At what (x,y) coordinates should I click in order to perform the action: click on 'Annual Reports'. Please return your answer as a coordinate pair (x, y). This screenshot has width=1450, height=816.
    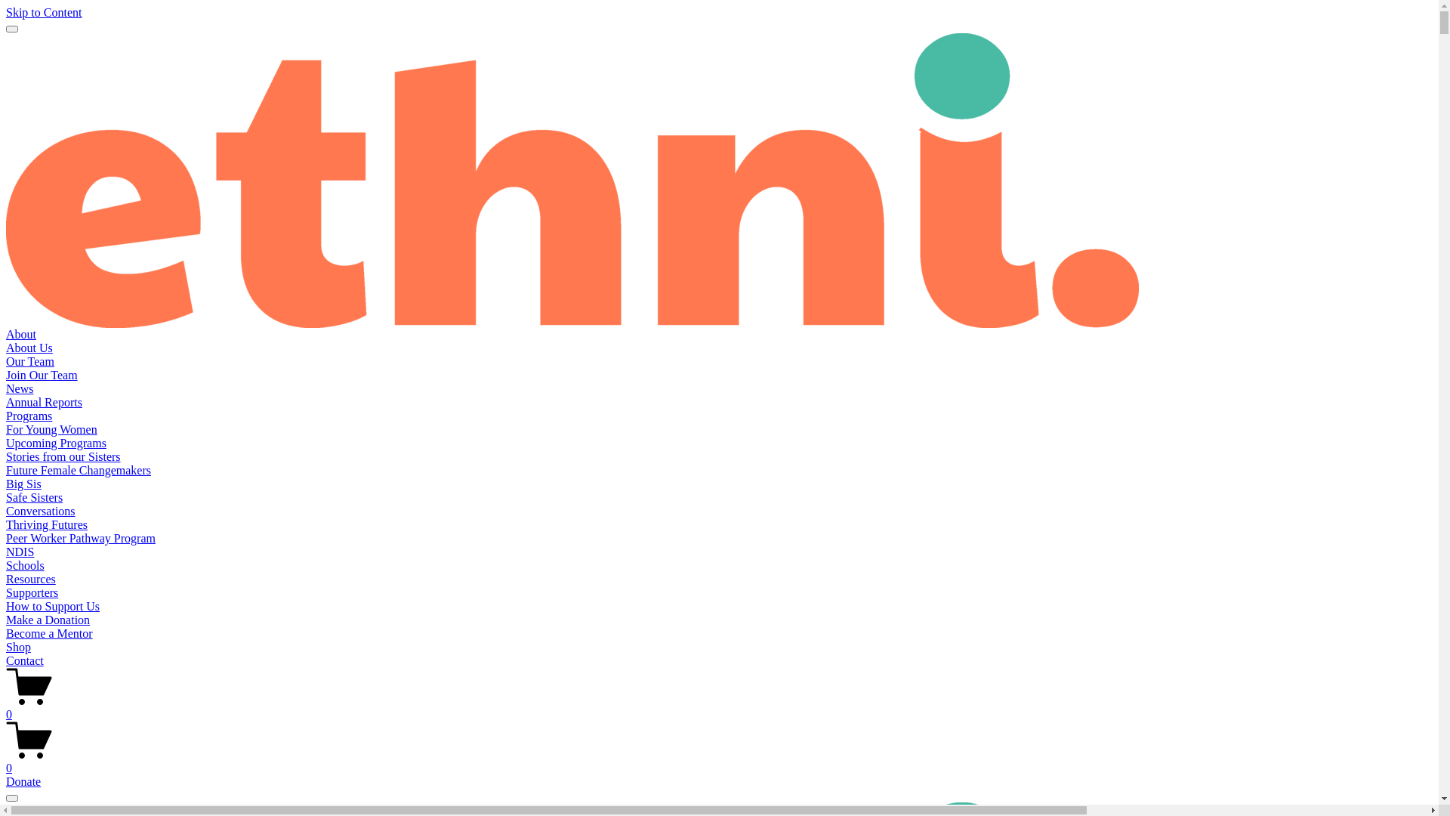
    Looking at the image, I should click on (44, 401).